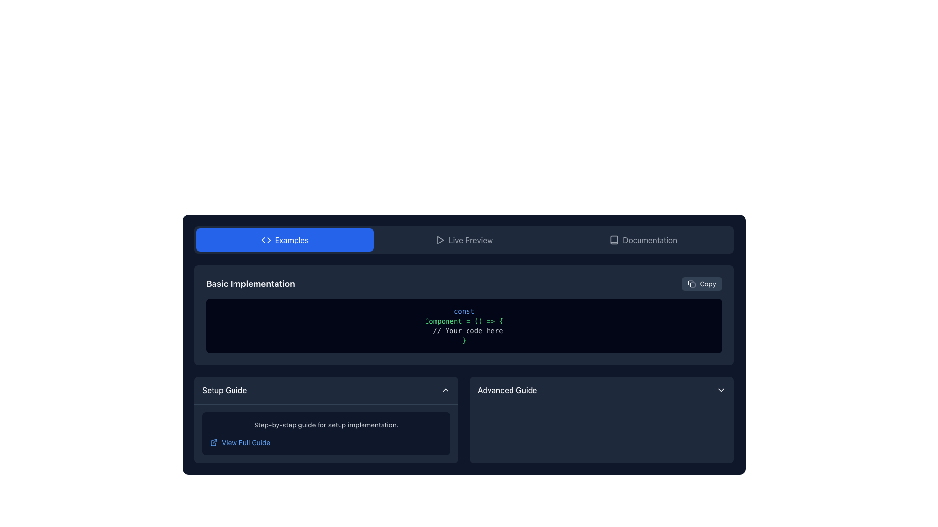 The width and height of the screenshot is (938, 527). I want to click on the hyperlink in the Informational section located under the 'Setup Guide' header, so click(326, 419).